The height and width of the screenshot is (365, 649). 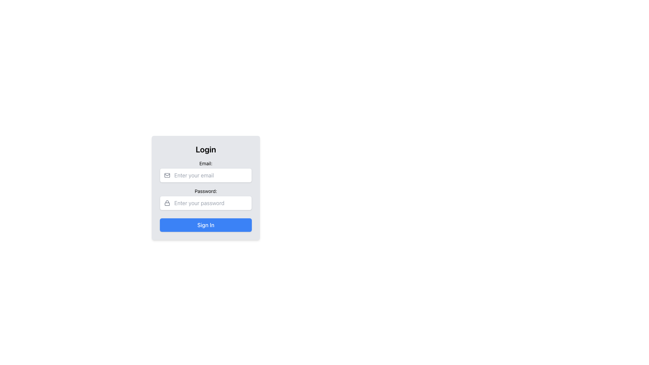 What do you see at coordinates (206, 175) in the screenshot?
I see `the email input field located below the 'Email:' label in the 'Login' form` at bounding box center [206, 175].